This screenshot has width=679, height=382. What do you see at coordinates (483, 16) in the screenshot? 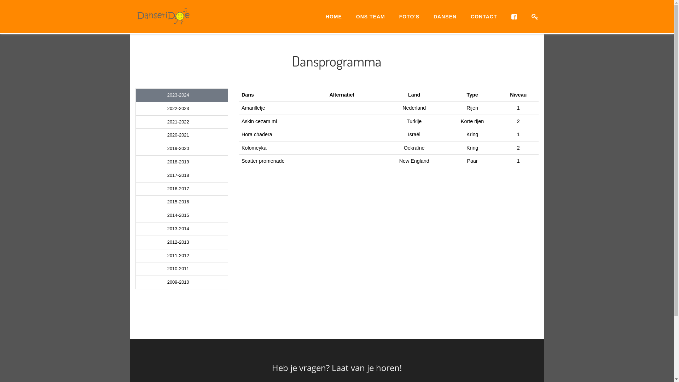
I see `'CONTACT'` at bounding box center [483, 16].